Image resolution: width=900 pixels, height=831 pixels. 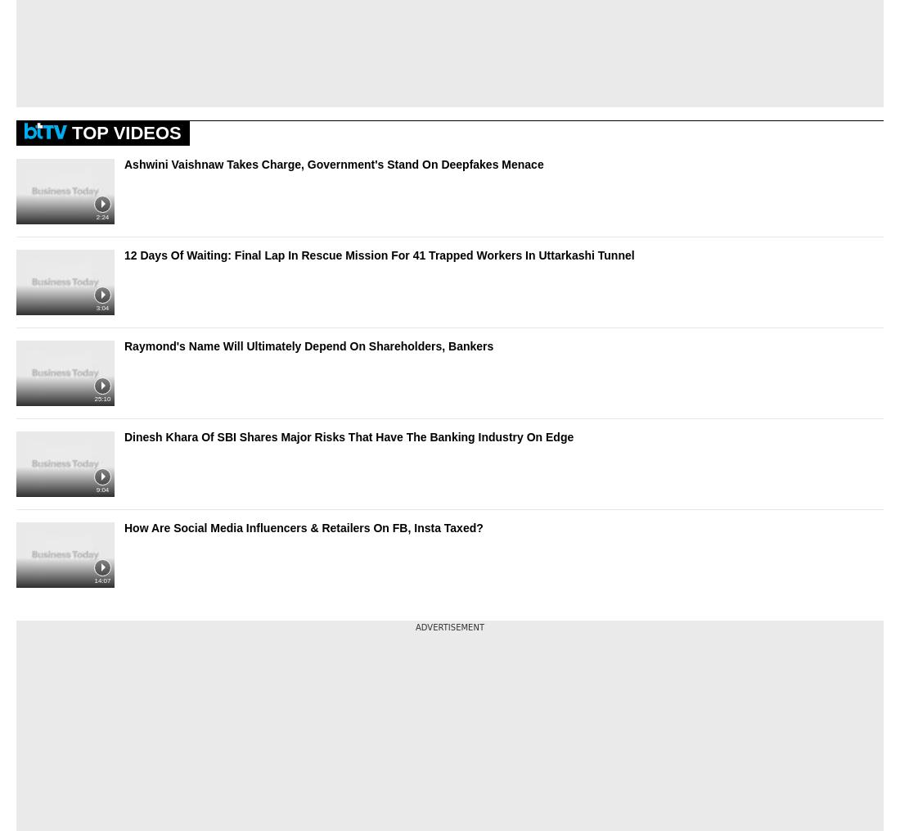 I want to click on 'Ashwini Vaishnaw Takes Charge, Government's Stand On Deepfakes Menace', so click(x=333, y=162).